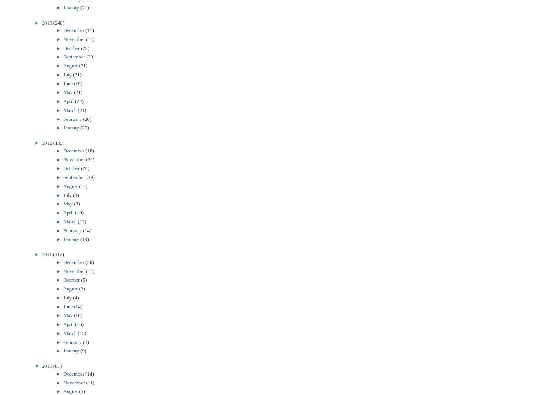 This screenshot has height=395, width=533. I want to click on '2010', so click(41, 366).